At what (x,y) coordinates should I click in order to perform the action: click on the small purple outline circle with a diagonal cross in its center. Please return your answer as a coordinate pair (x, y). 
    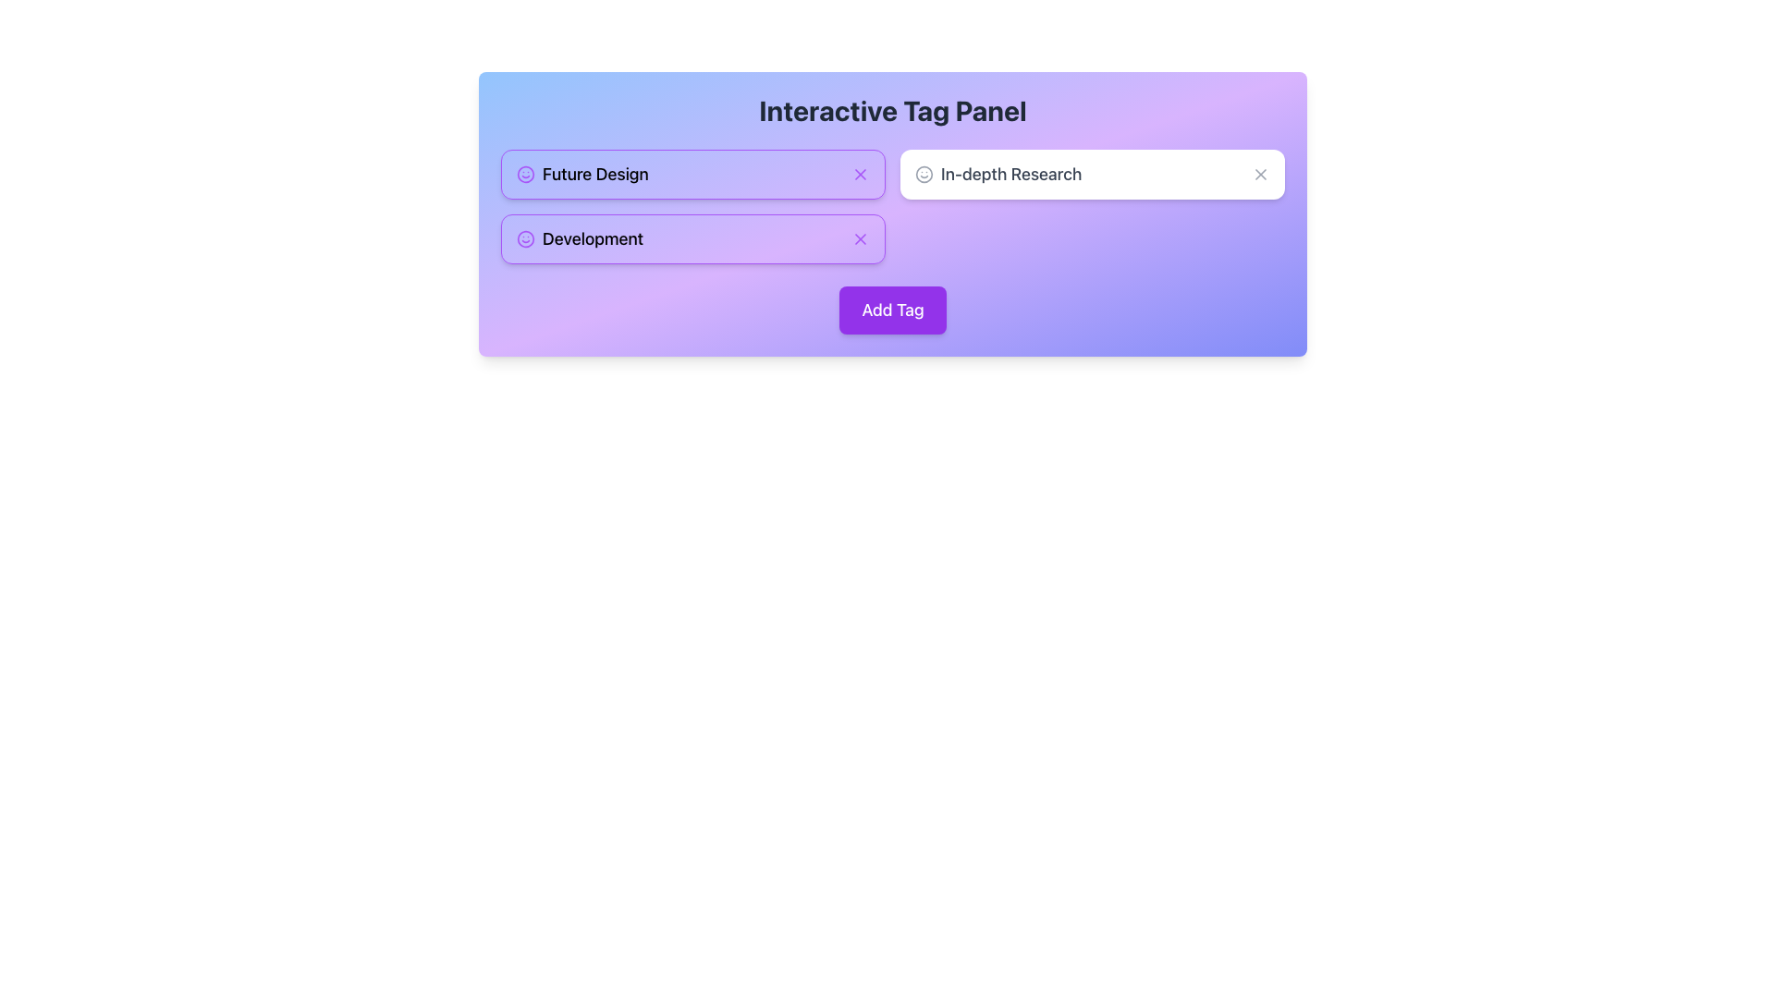
    Looking at the image, I should click on (860, 175).